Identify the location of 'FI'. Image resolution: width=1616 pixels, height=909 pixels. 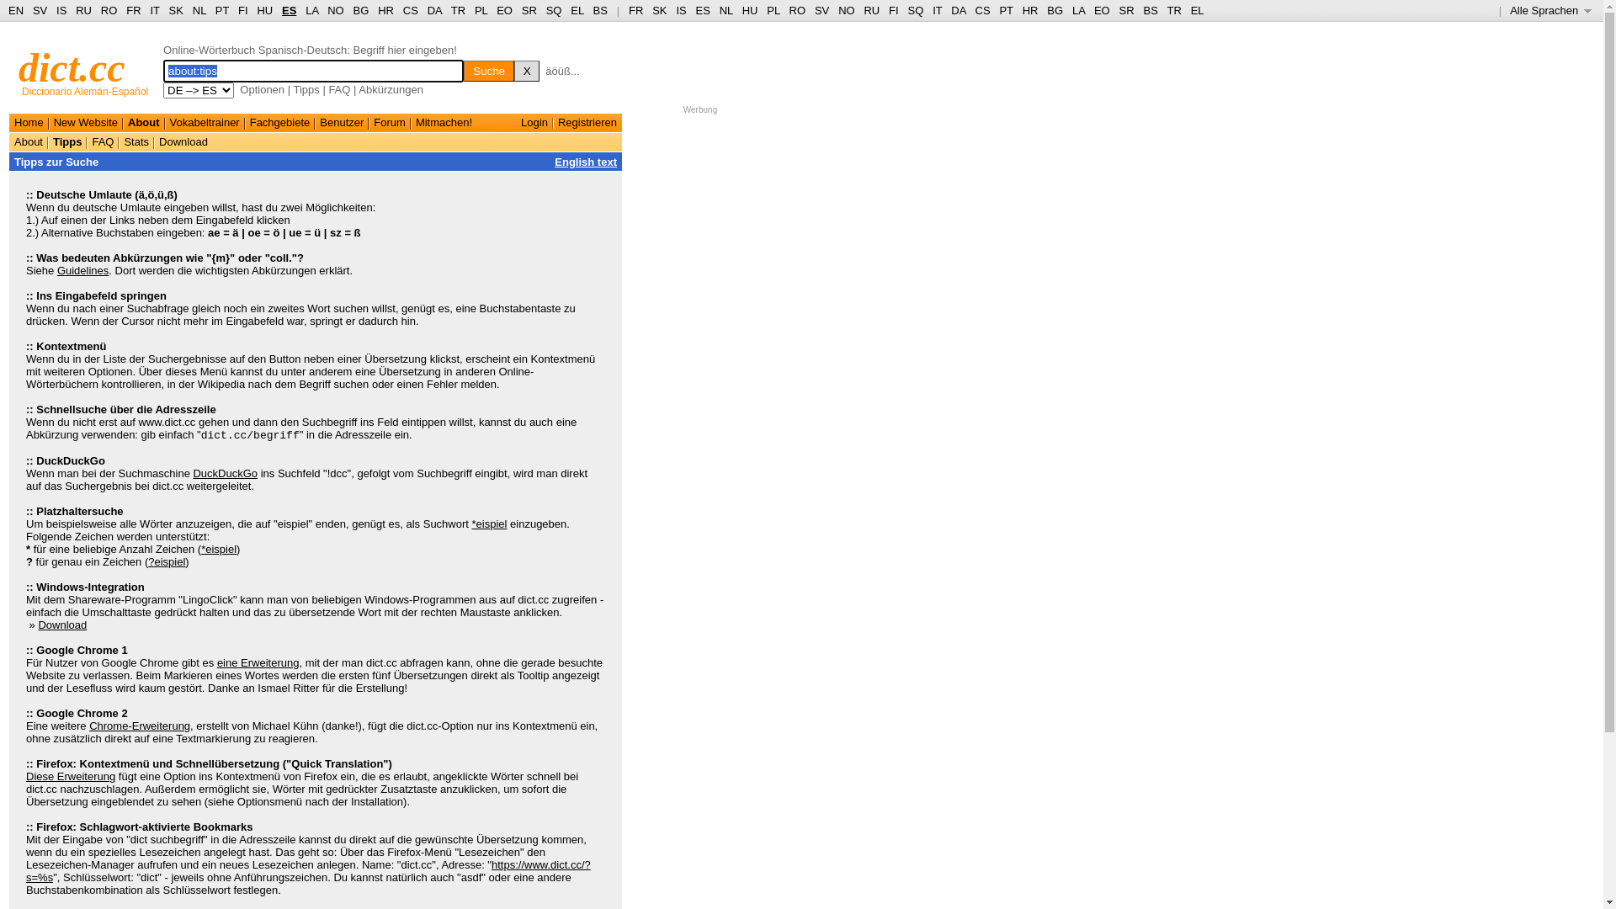
(892, 10).